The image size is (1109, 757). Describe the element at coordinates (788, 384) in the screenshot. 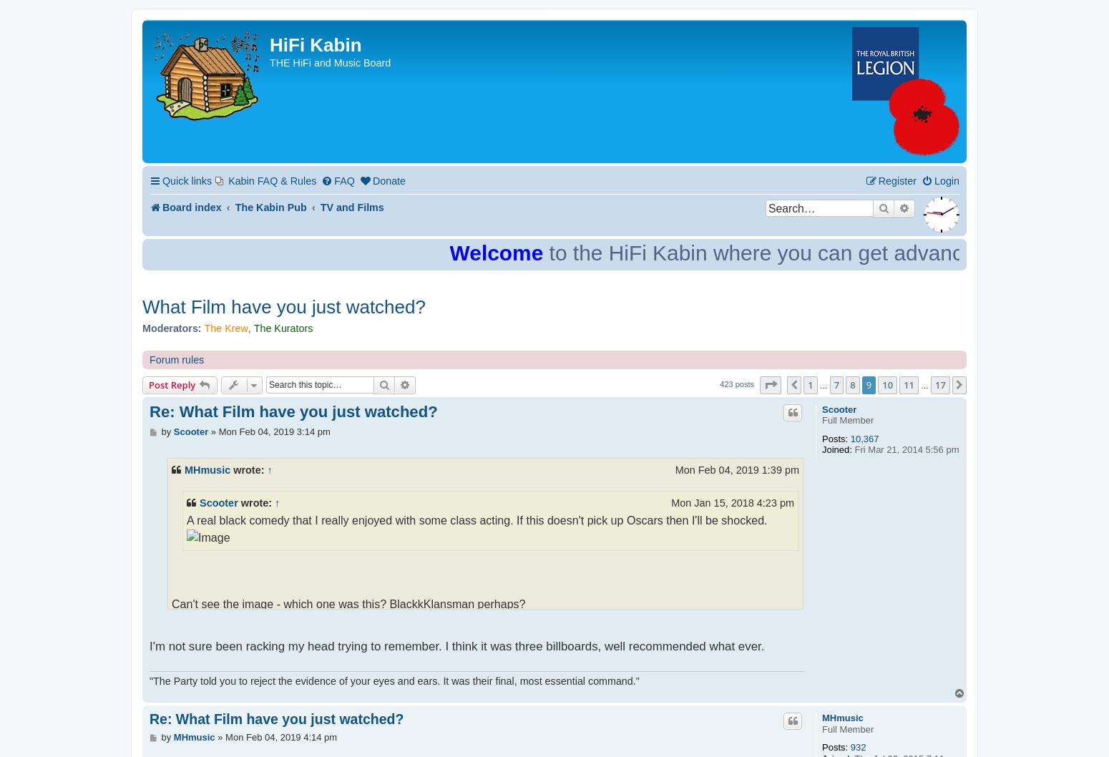

I see `'Page'` at that location.